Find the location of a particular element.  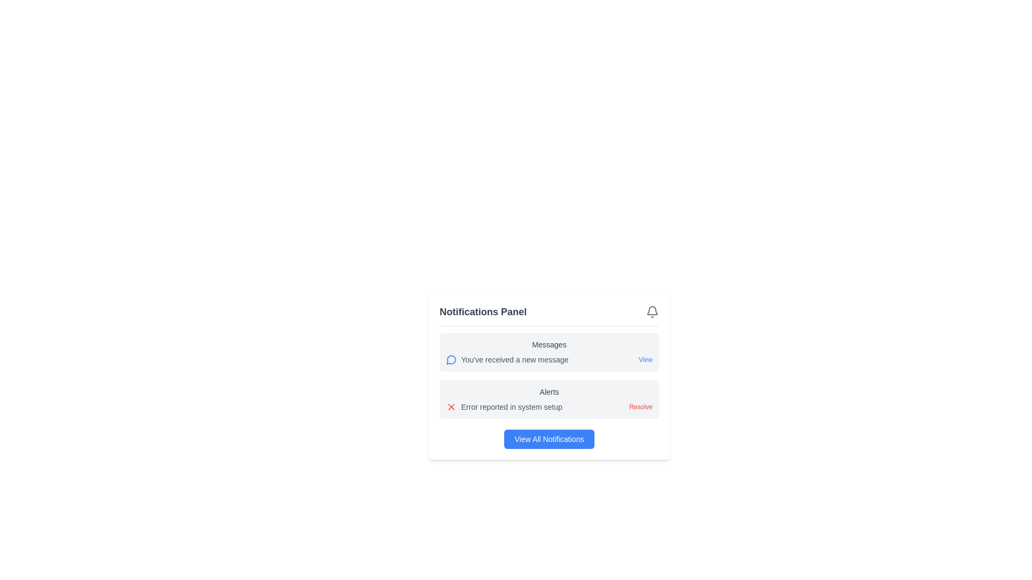

the small blue circular icon with a white speech bubble design located to the left of the text 'You've received a new message' in the notifications panel is located at coordinates (451, 360).